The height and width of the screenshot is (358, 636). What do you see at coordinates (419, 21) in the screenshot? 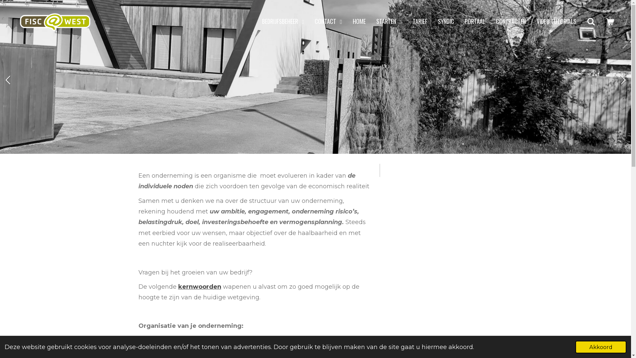
I see `'TARIEF'` at bounding box center [419, 21].